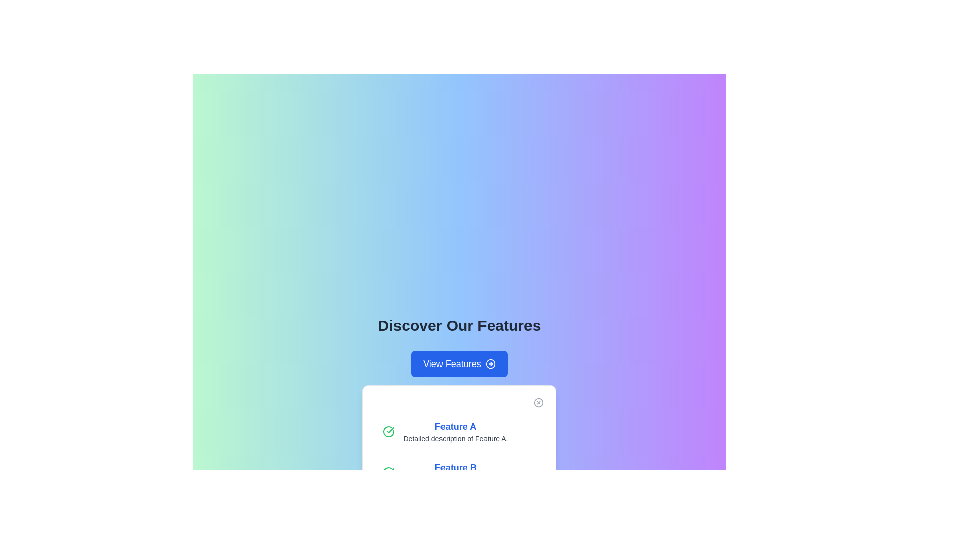 The width and height of the screenshot is (971, 546). What do you see at coordinates (455, 427) in the screenshot?
I see `the Text label that serves as a title or heading for the feature located centrally in the white card element under the 'Discover Our Features' section` at bounding box center [455, 427].